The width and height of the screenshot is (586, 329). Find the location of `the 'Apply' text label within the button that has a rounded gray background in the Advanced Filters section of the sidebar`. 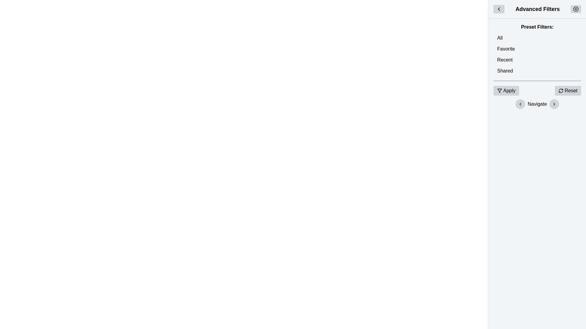

the 'Apply' text label within the button that has a rounded gray background in the Advanced Filters section of the sidebar is located at coordinates (509, 90).